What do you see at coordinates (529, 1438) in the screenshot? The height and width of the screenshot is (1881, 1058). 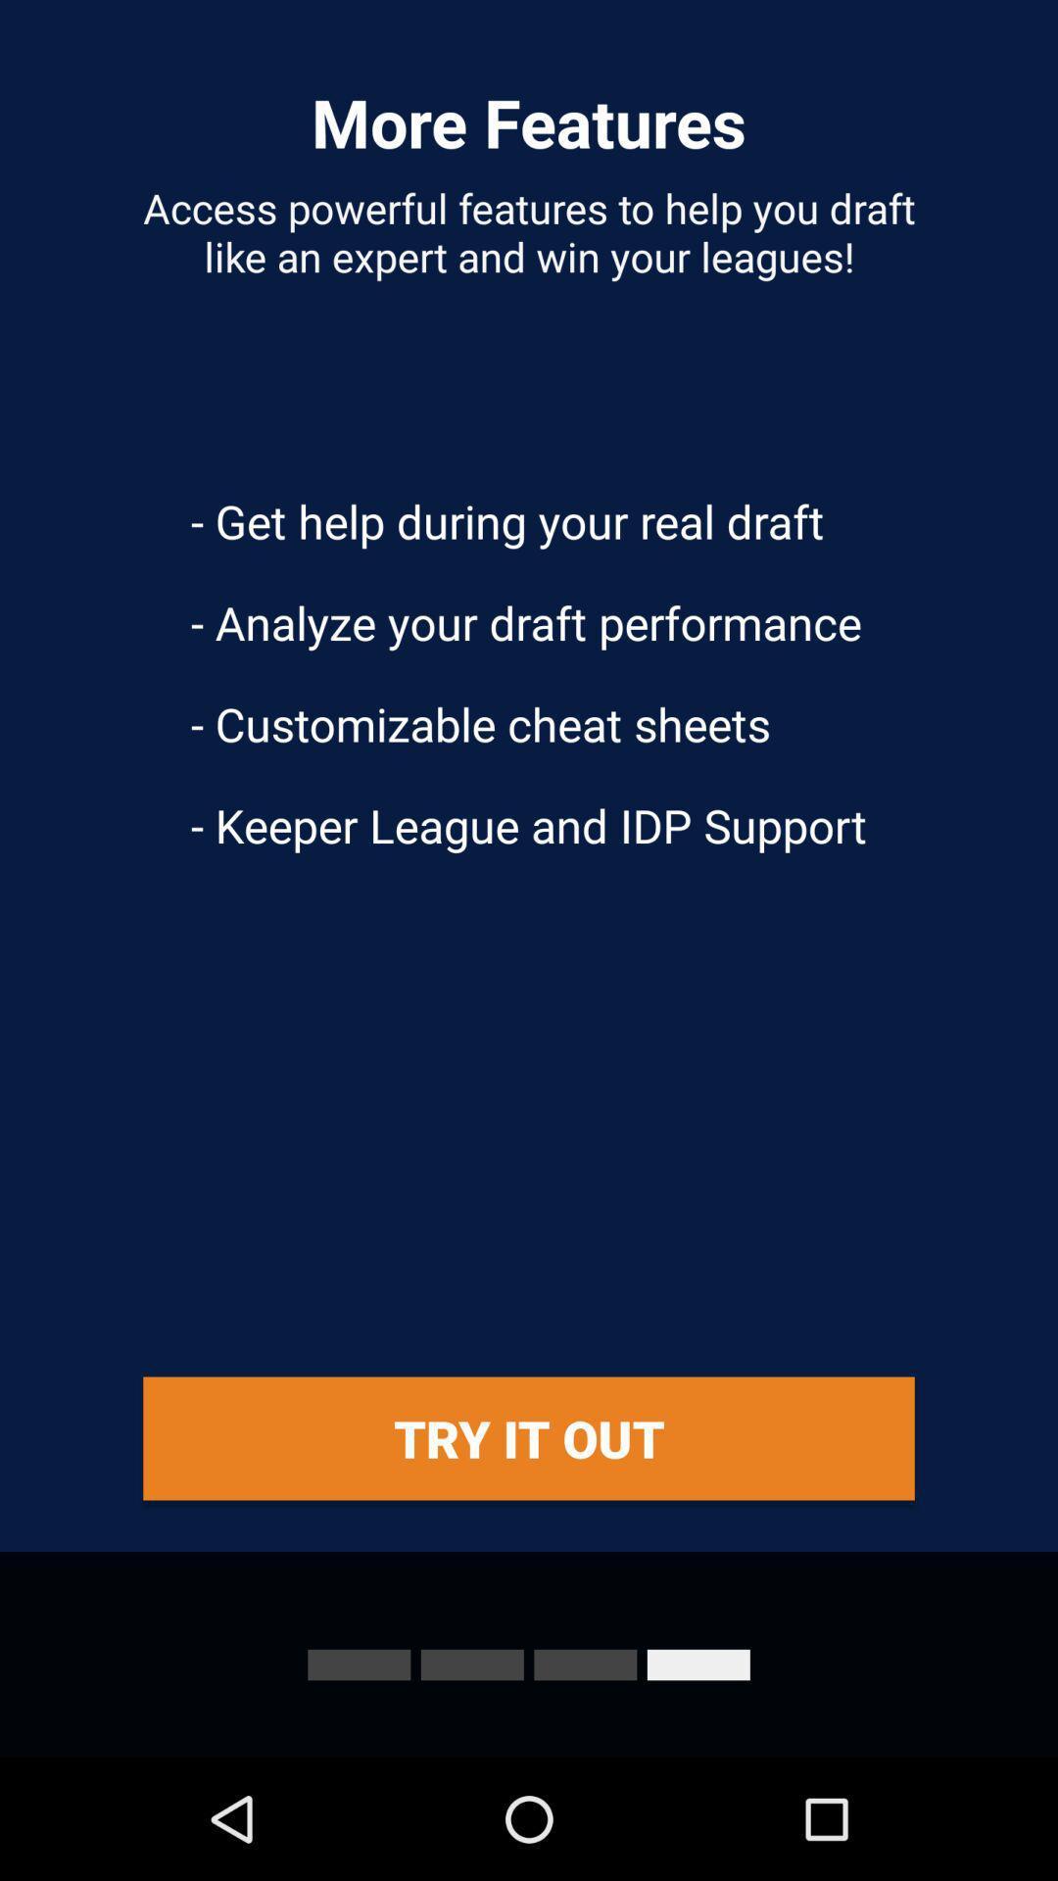 I see `the try it out item` at bounding box center [529, 1438].